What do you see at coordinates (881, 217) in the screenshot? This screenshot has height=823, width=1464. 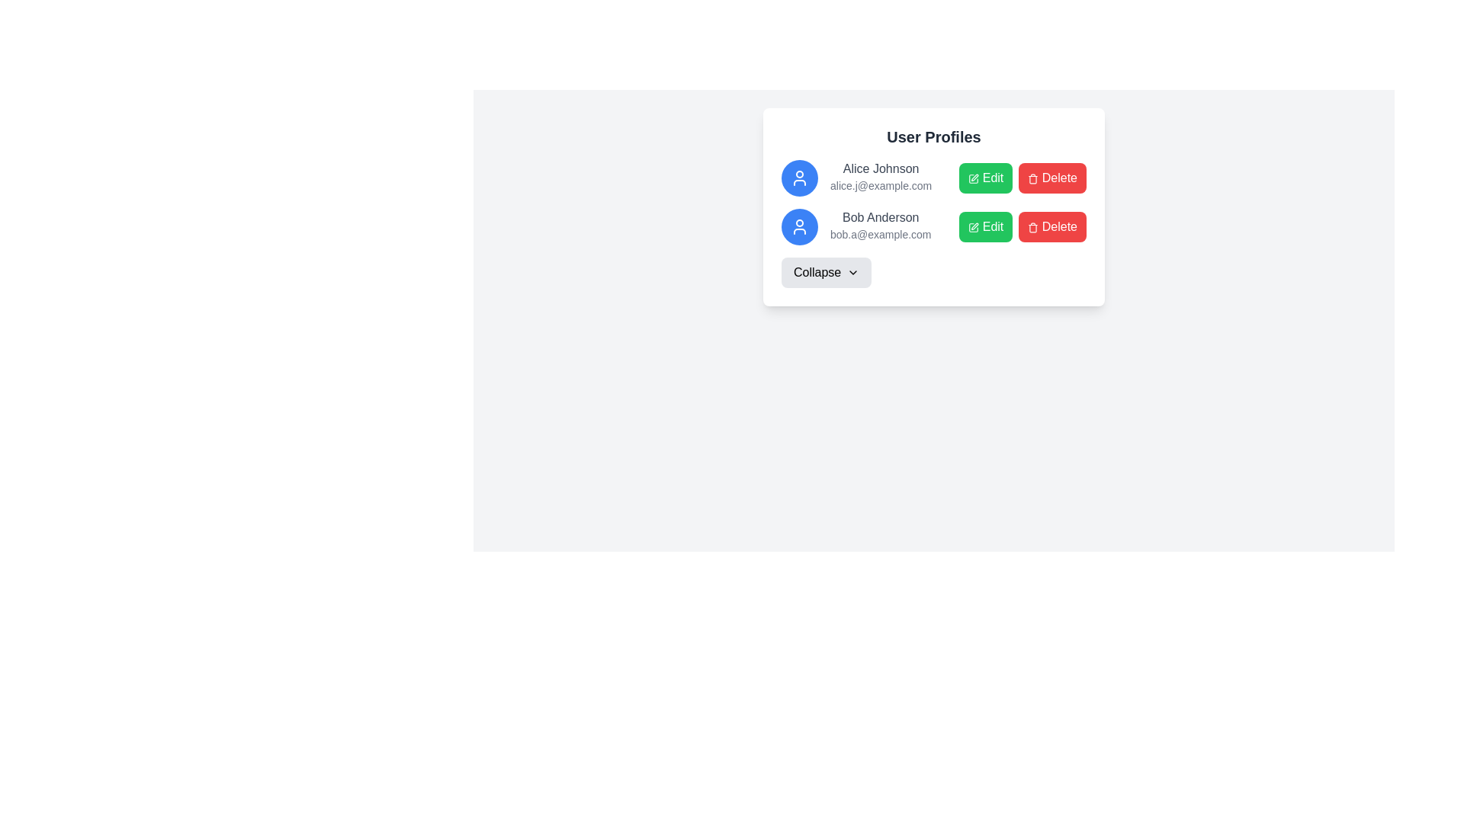 I see `the text label displaying the name 'Bob Anderson', which is styled in gray and located within the user profile section, specifically above the user's email address` at bounding box center [881, 217].